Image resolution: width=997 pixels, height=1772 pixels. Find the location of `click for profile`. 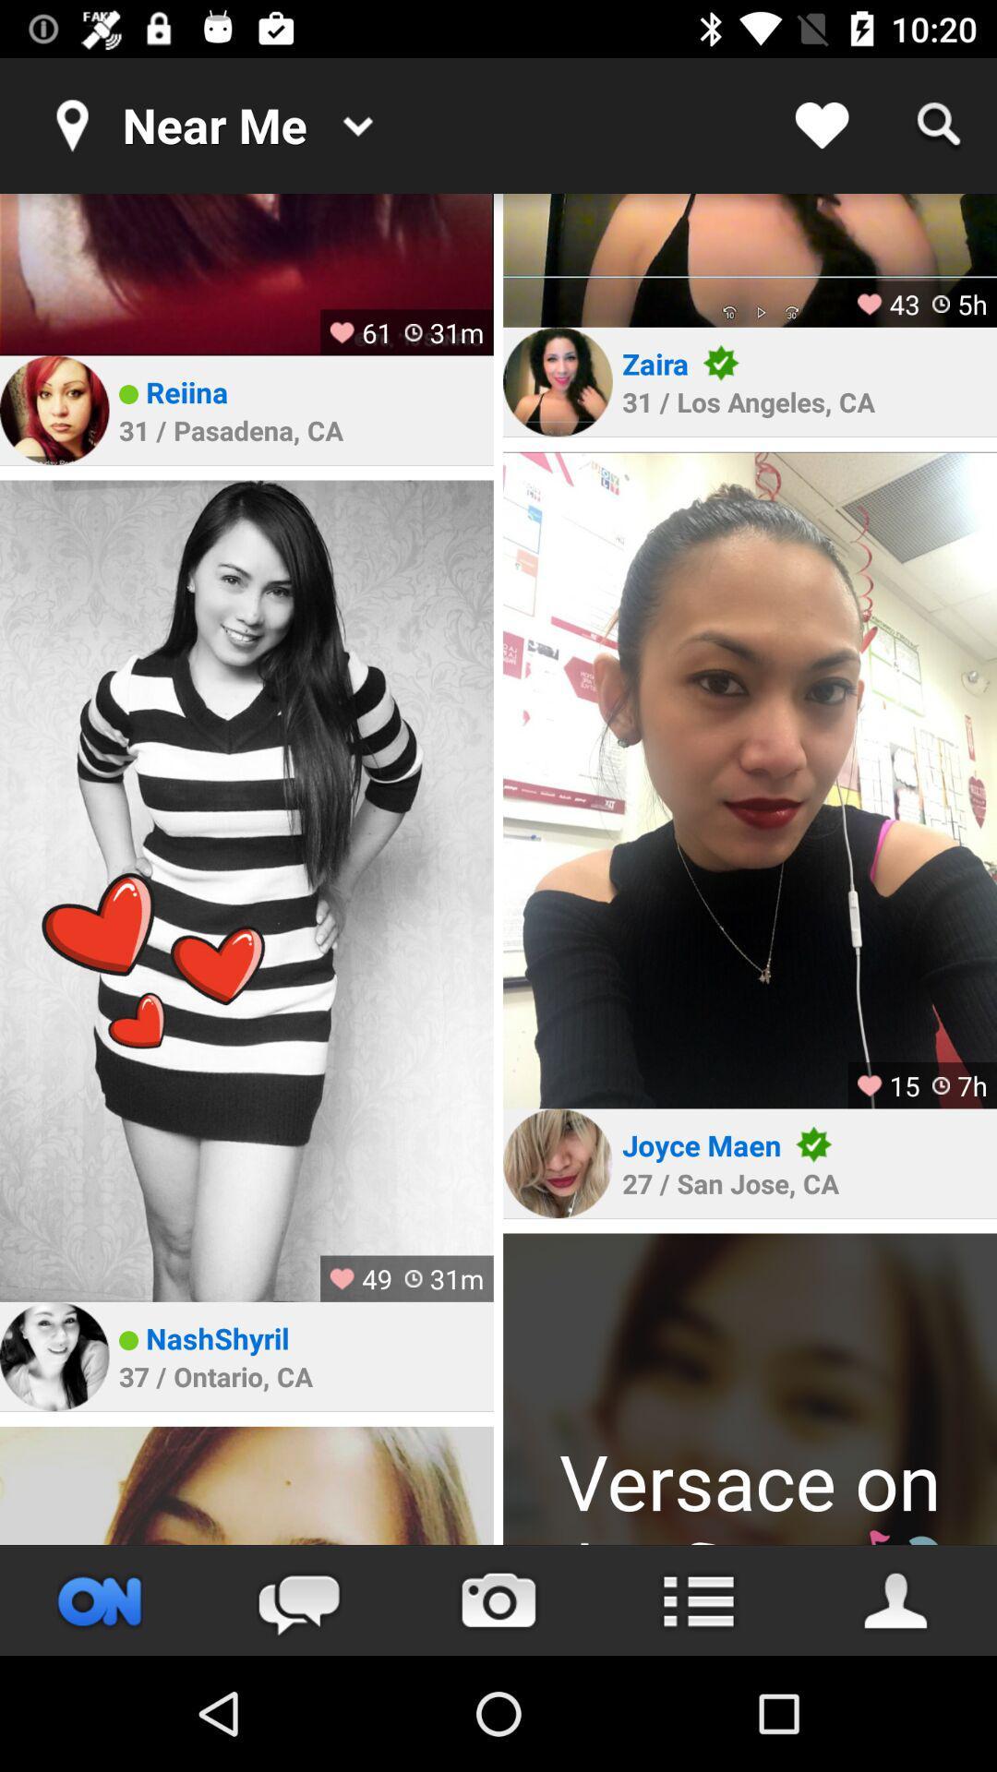

click for profile is located at coordinates (54, 1356).